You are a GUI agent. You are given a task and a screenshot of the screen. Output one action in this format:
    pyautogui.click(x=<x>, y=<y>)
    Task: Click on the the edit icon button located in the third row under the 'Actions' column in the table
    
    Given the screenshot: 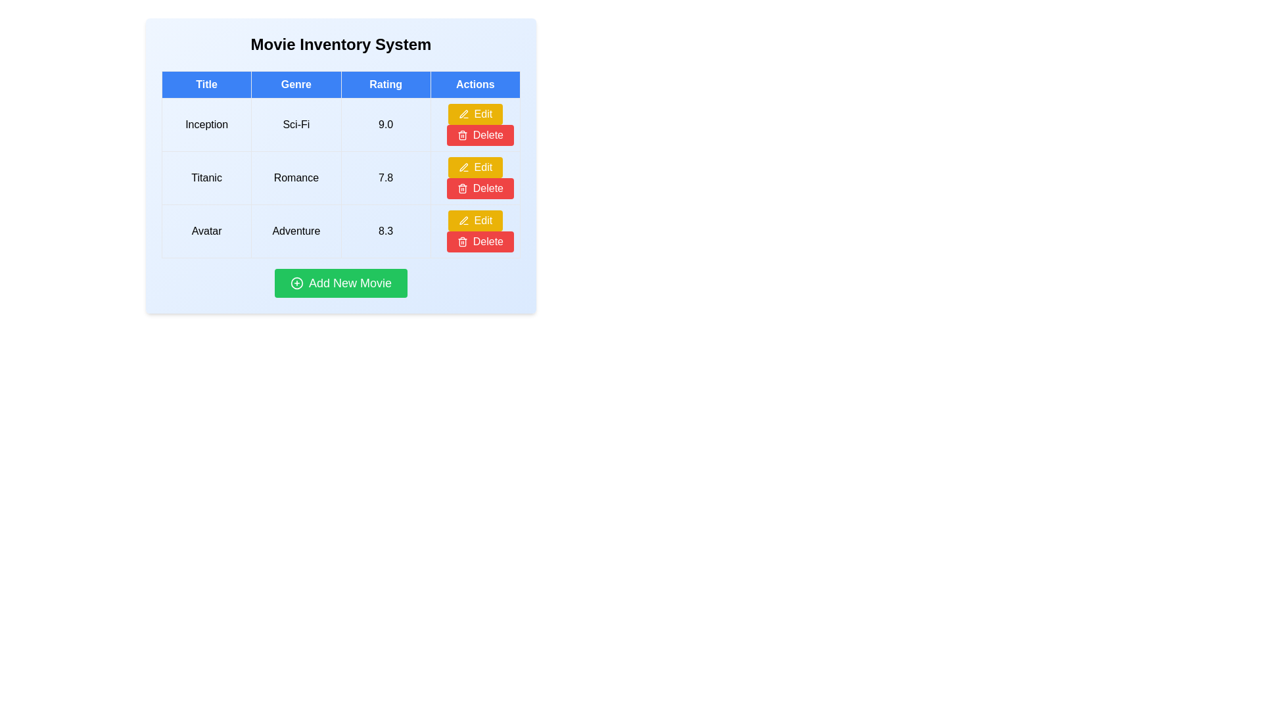 What is the action you would take?
    pyautogui.click(x=463, y=220)
    